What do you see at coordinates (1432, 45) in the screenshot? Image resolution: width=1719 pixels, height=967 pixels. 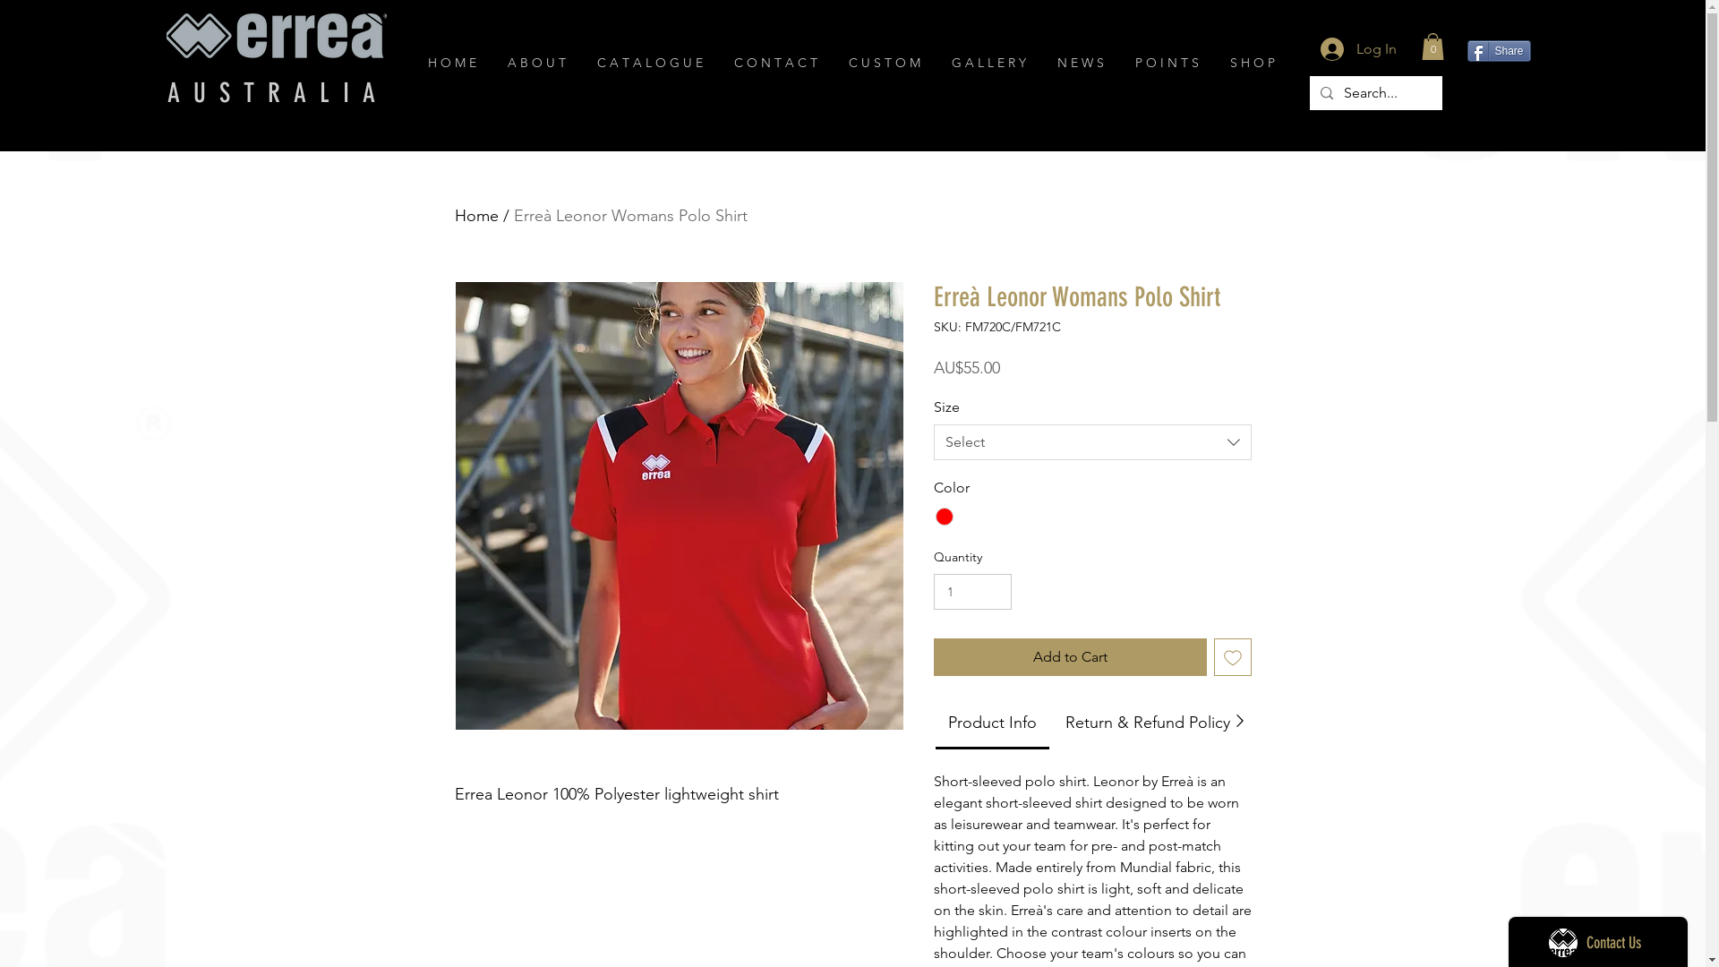 I see `'0'` at bounding box center [1432, 45].